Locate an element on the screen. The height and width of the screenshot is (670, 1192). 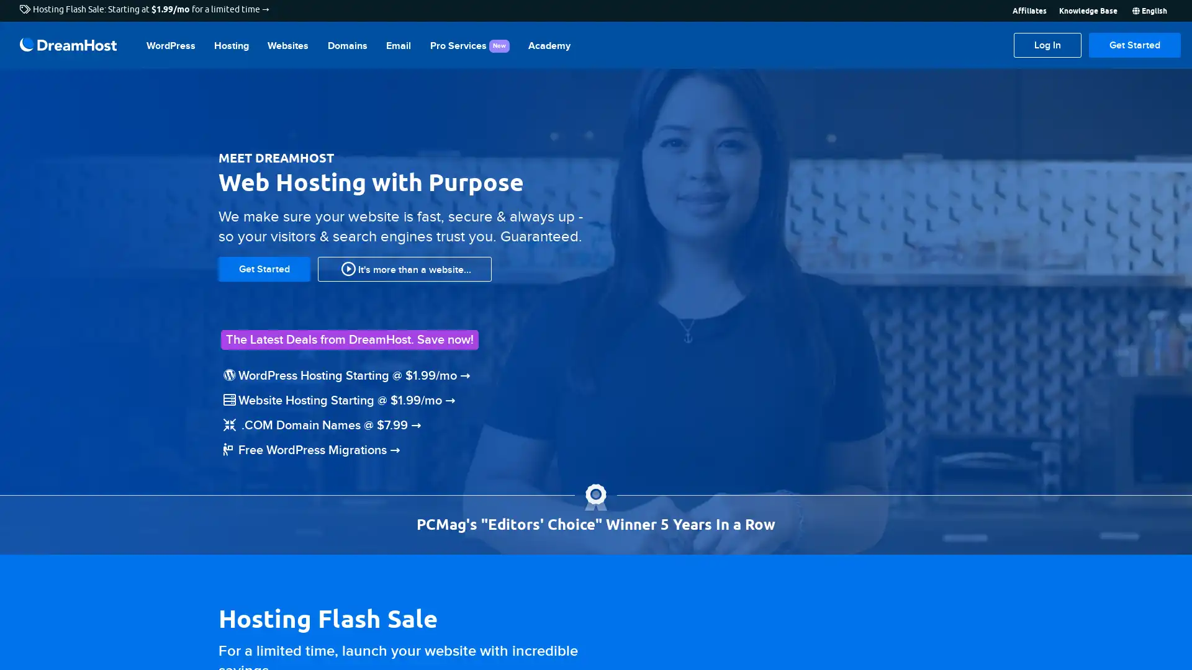
Log In is located at coordinates (1047, 45).